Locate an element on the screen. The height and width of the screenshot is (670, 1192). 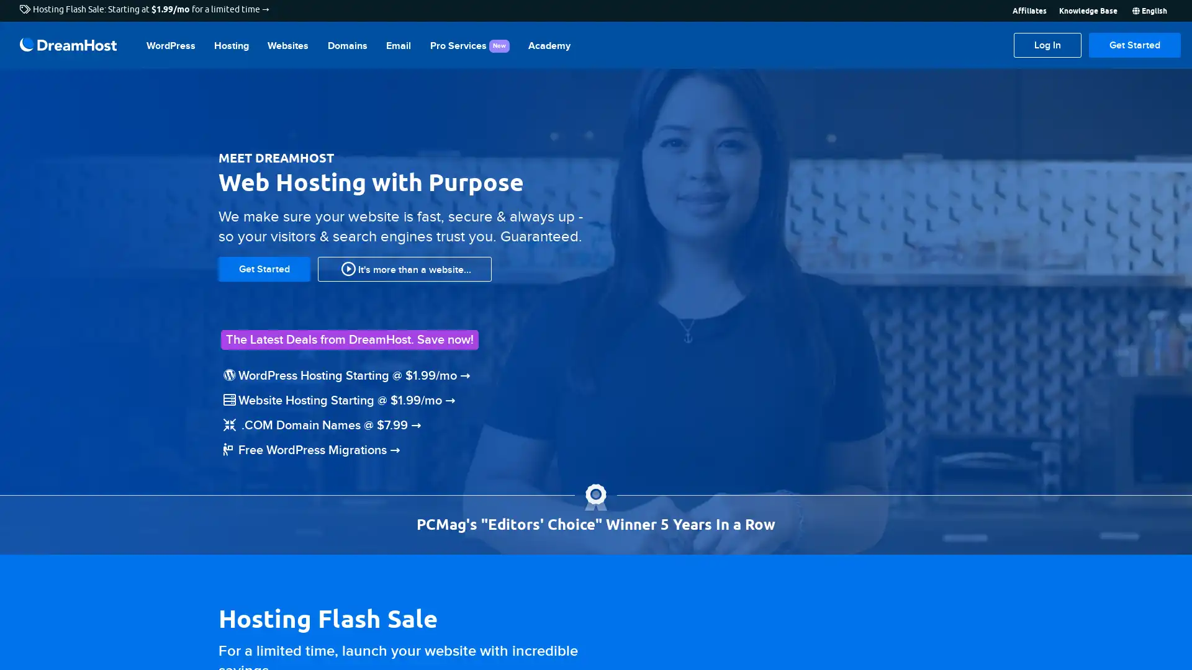
Log In is located at coordinates (1047, 45).